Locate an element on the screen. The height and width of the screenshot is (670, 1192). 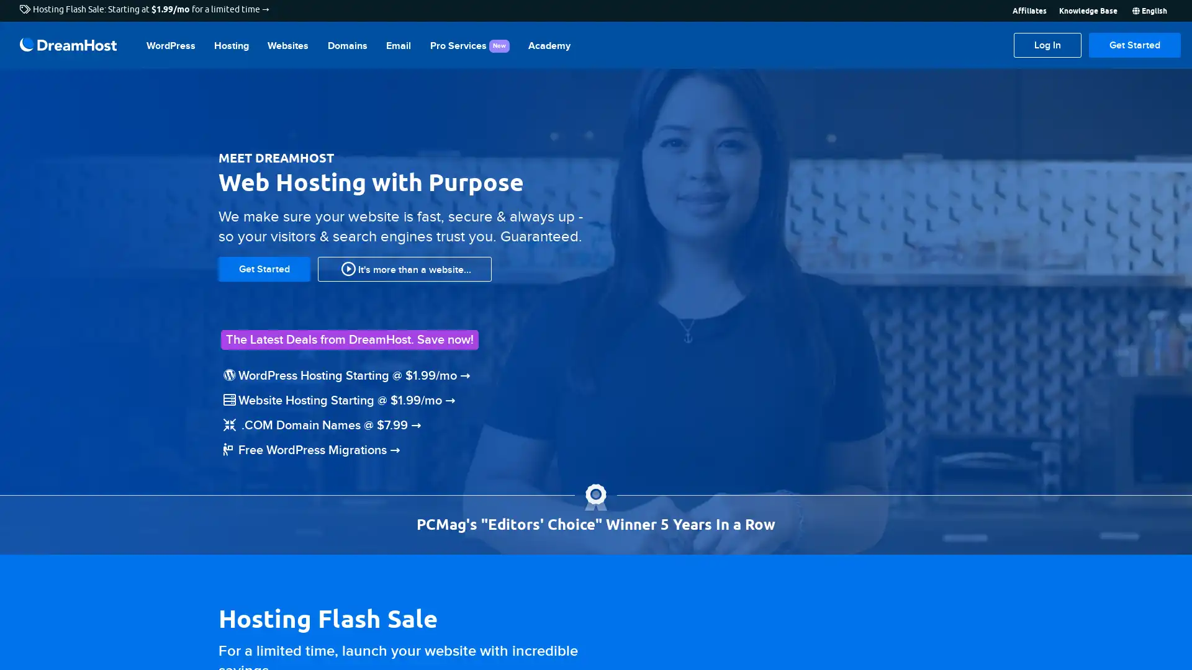
Log In is located at coordinates (1047, 45).